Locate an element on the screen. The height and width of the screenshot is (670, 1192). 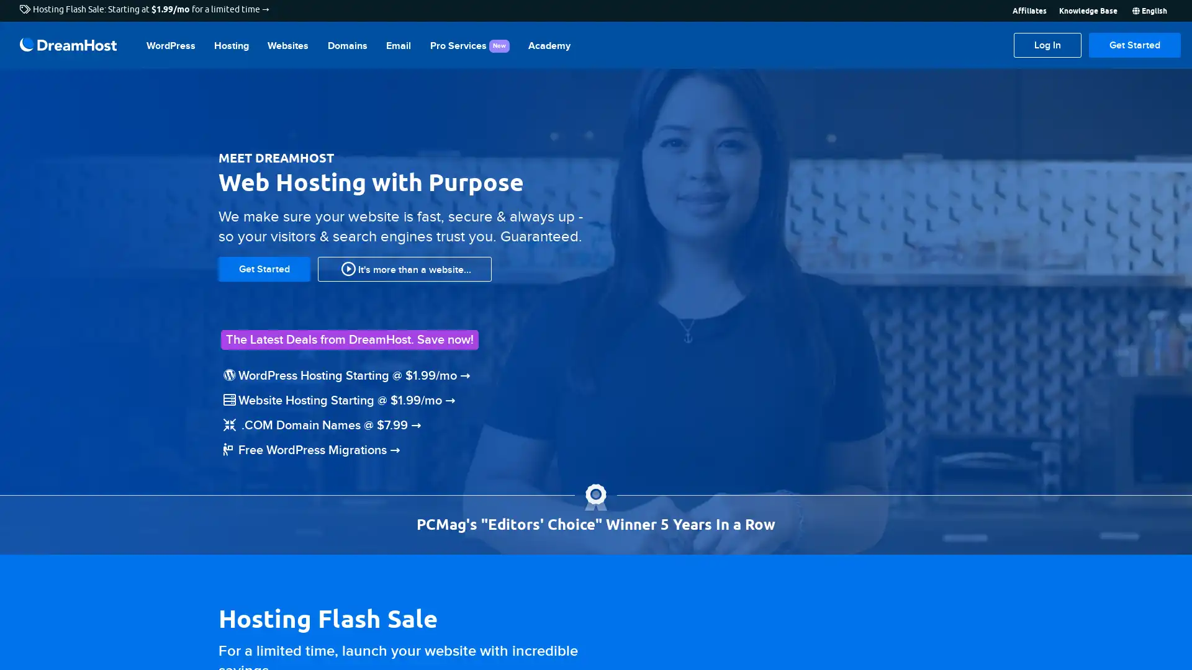
Log In is located at coordinates (1047, 45).